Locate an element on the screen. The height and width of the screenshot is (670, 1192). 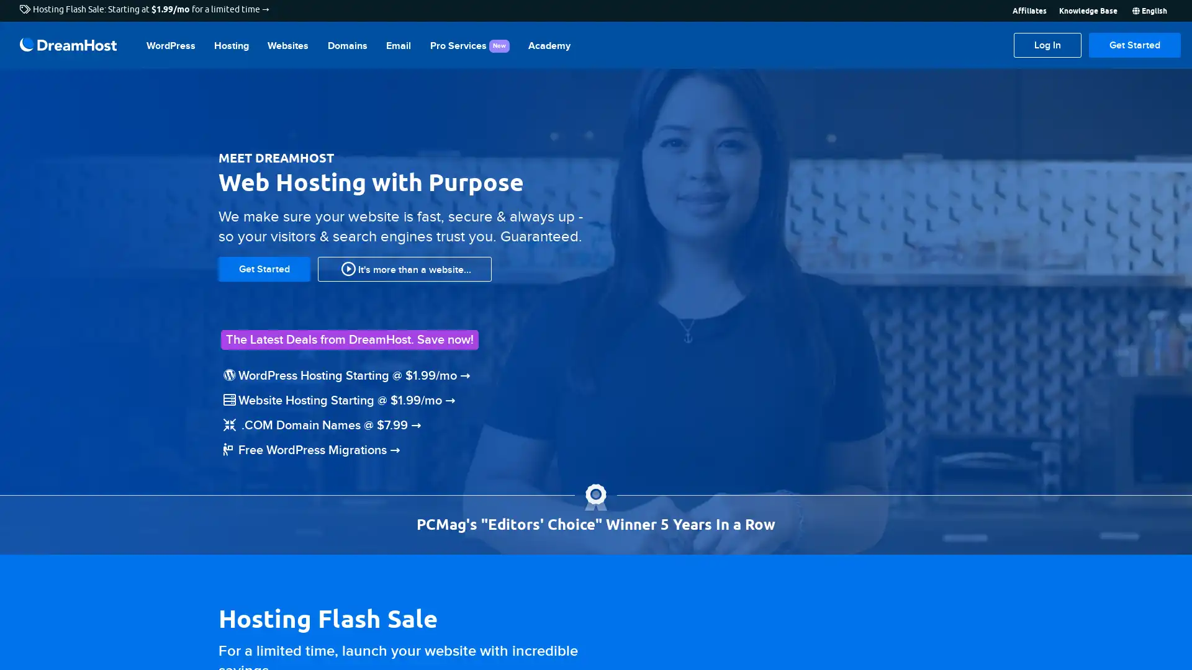
Log In is located at coordinates (1047, 45).